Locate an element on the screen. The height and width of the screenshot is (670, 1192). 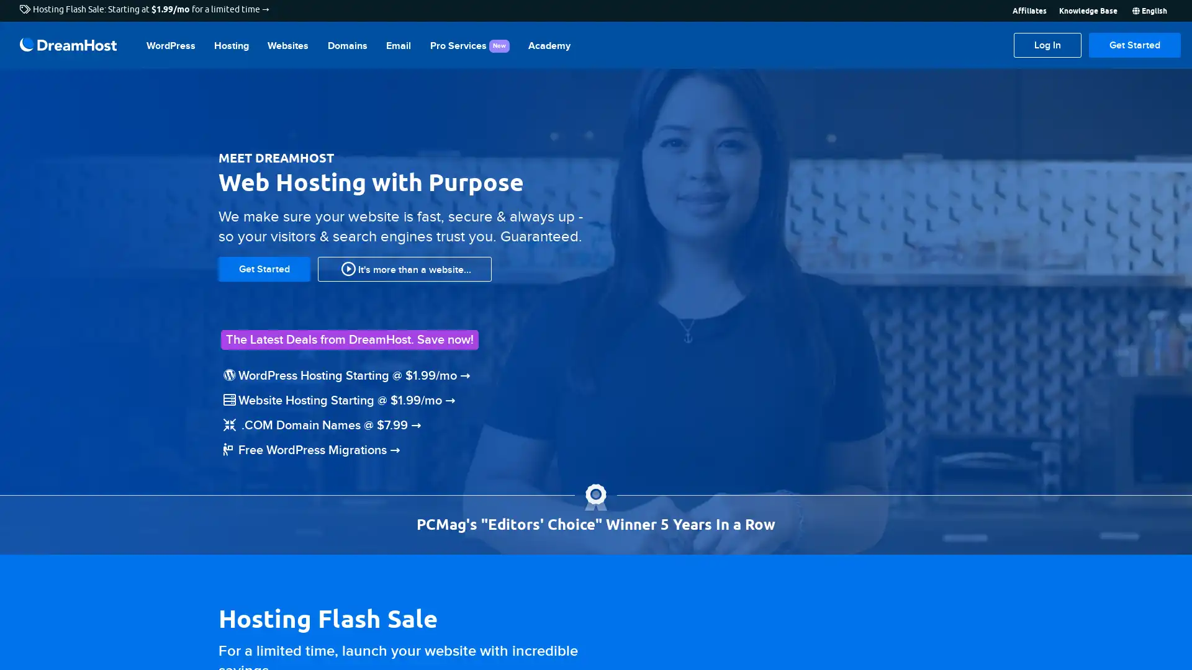
Log In is located at coordinates (1047, 45).